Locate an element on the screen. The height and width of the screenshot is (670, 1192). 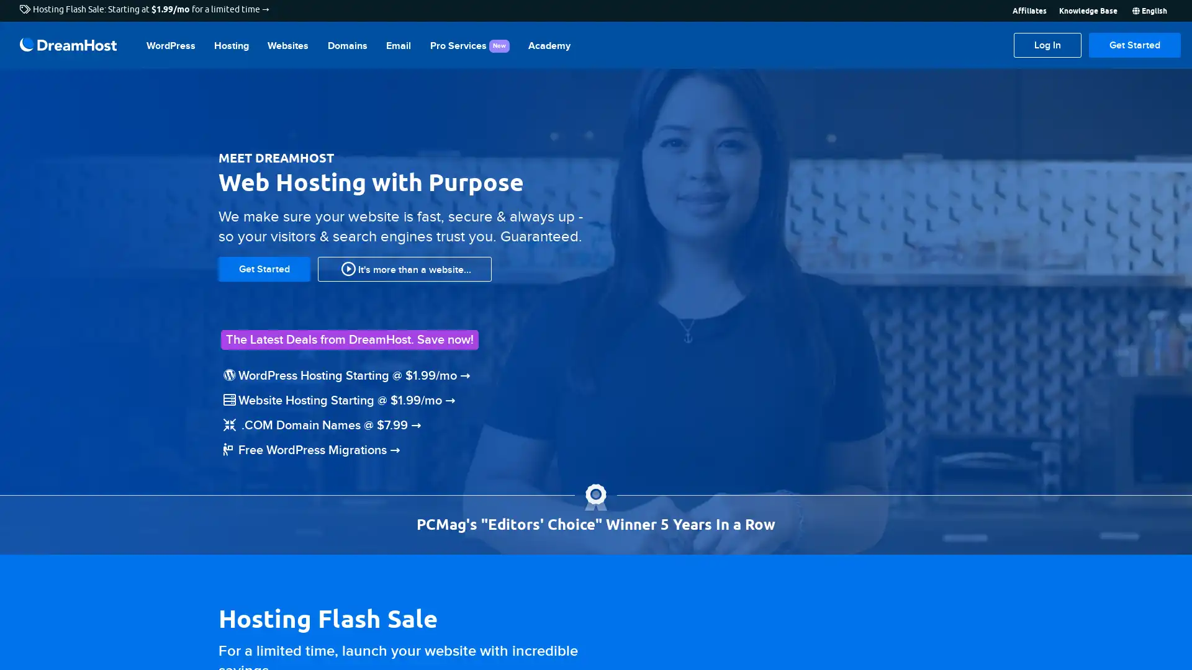
Log In is located at coordinates (1047, 45).